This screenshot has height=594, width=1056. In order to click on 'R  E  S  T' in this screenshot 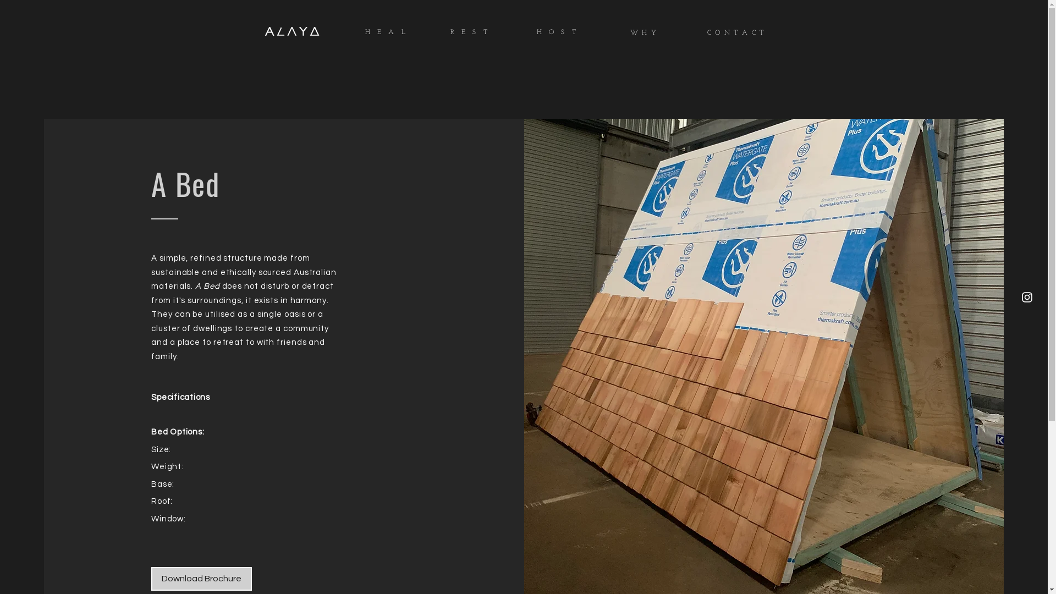, I will do `click(469, 30)`.